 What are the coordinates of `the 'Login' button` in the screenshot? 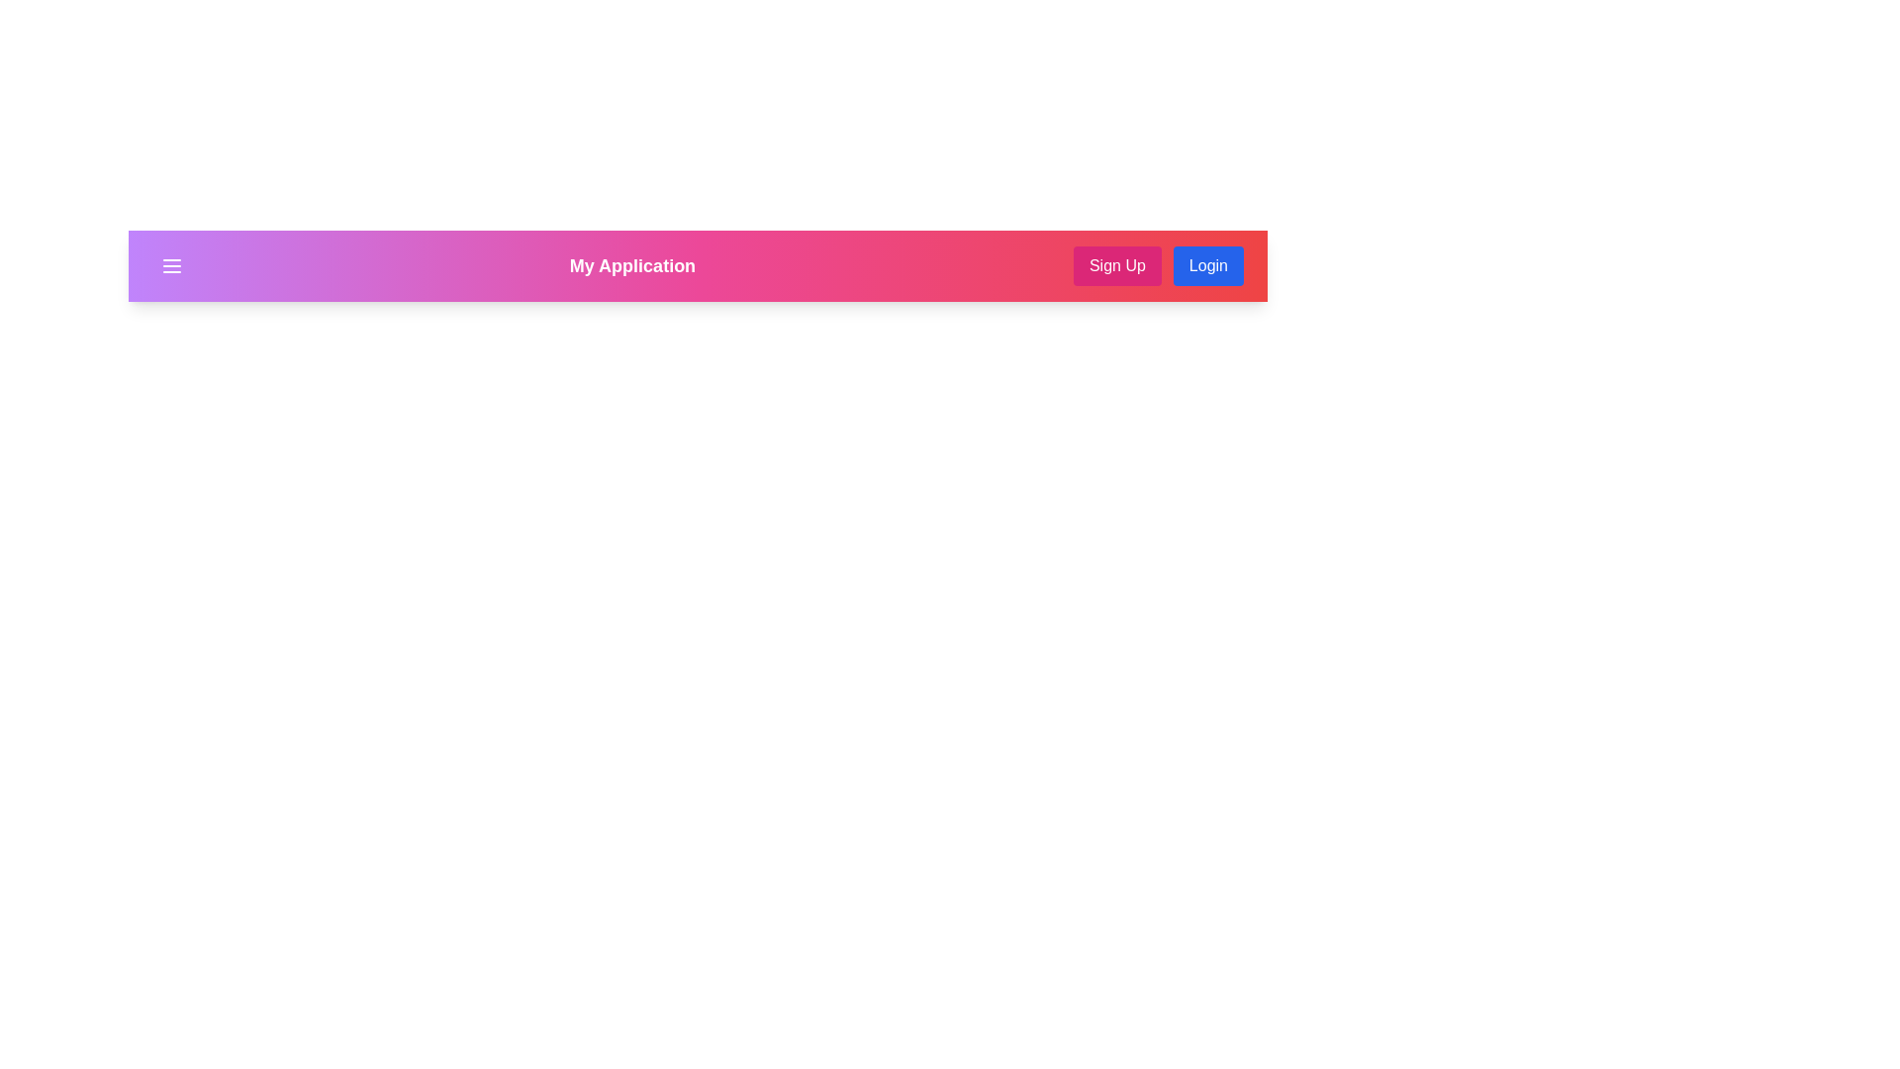 It's located at (1206, 265).